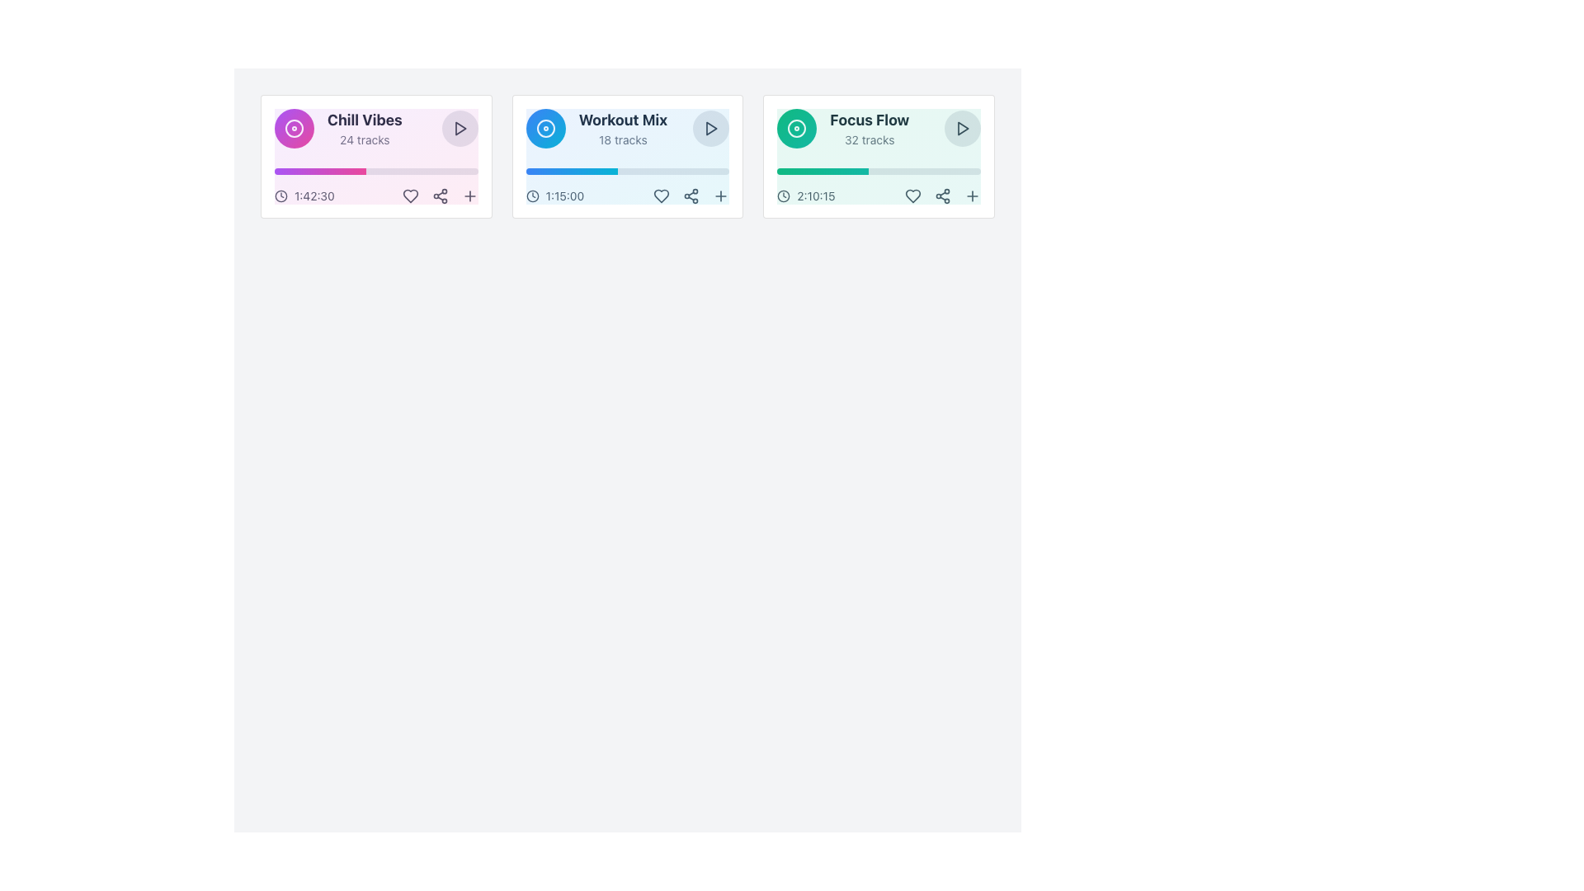 This screenshot has width=1584, height=891. What do you see at coordinates (440, 196) in the screenshot?
I see `the share icon button located under the 'Chill Vibes' card, which is the second icon in a horizontal row of three icons` at bounding box center [440, 196].